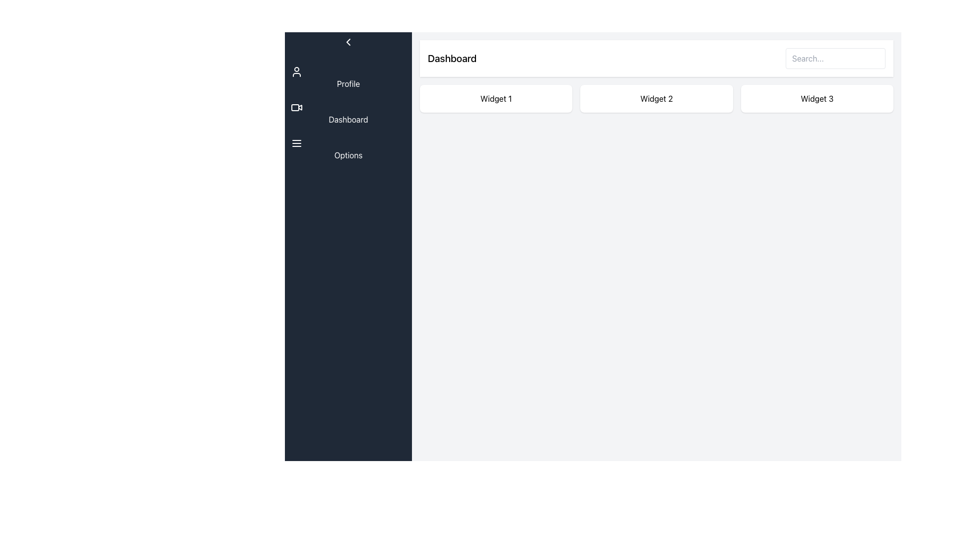  Describe the element at coordinates (348, 41) in the screenshot. I see `the small, left-pointing chevron icon at the top of the dark navigation sidebar` at that location.